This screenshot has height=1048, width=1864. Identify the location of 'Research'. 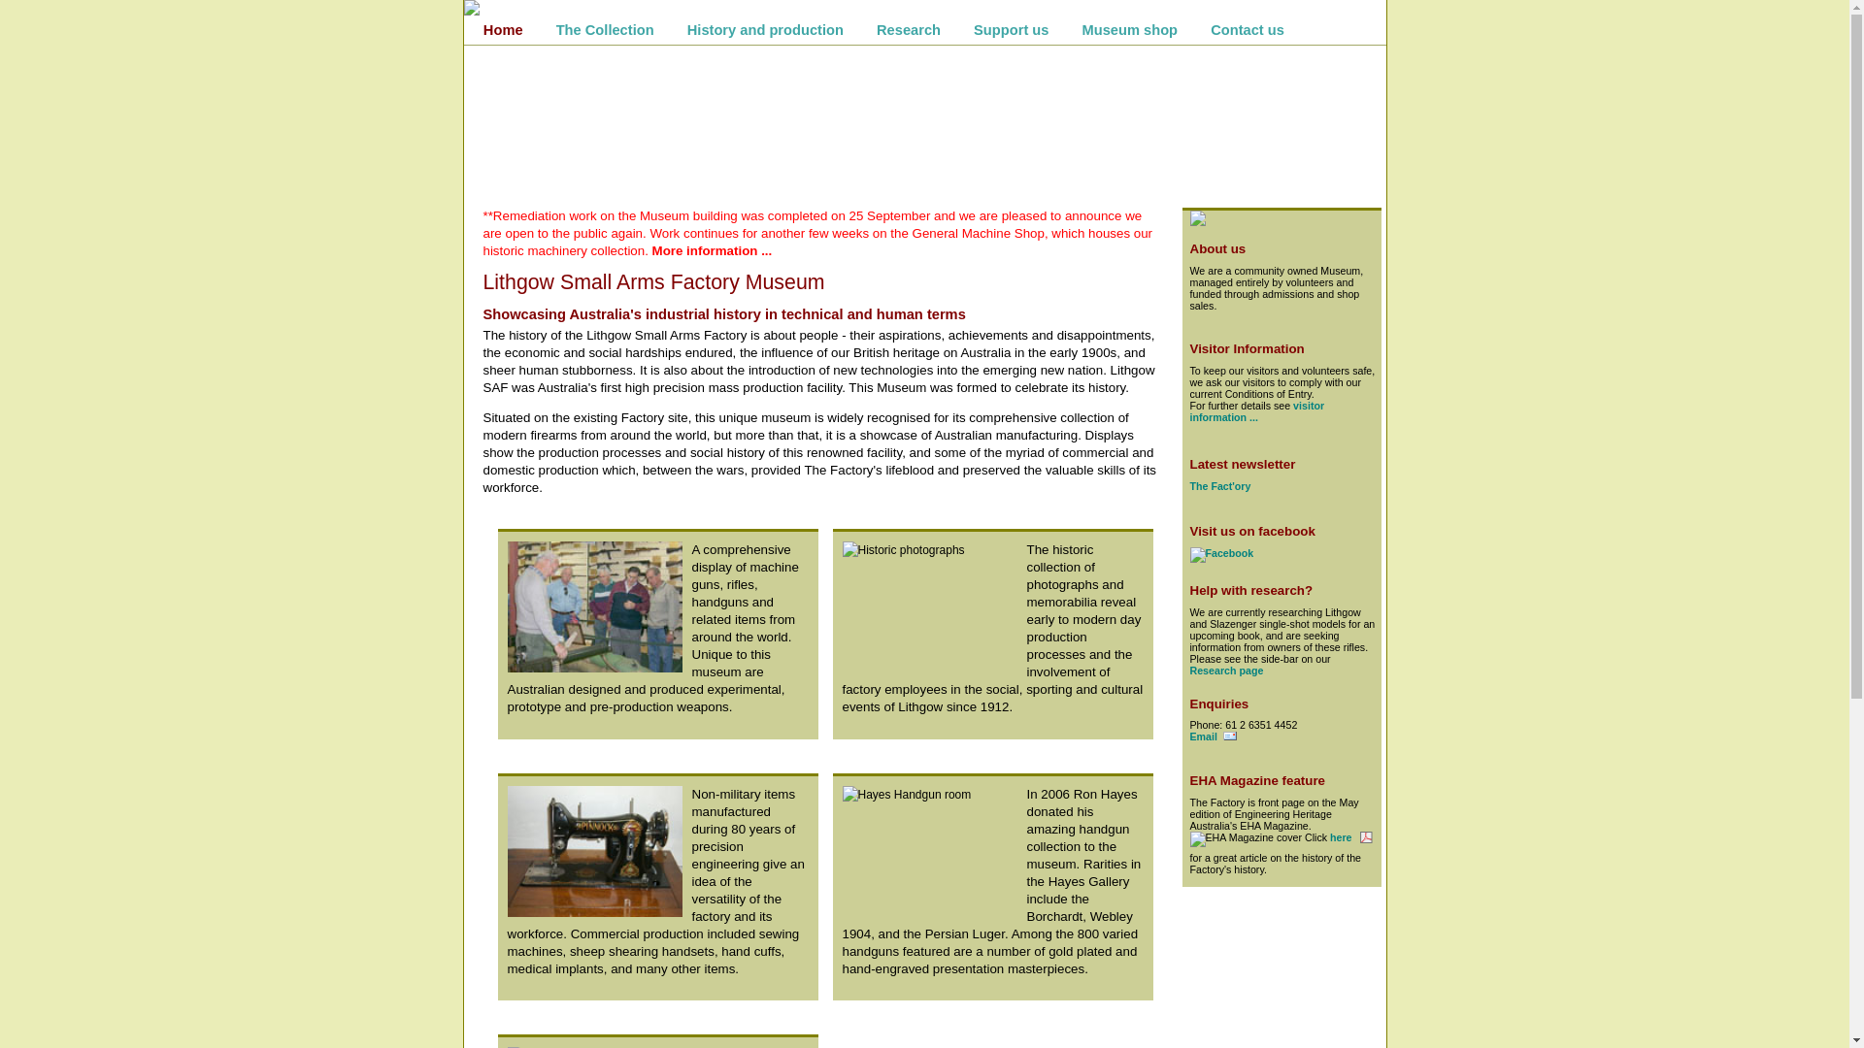
(861, 29).